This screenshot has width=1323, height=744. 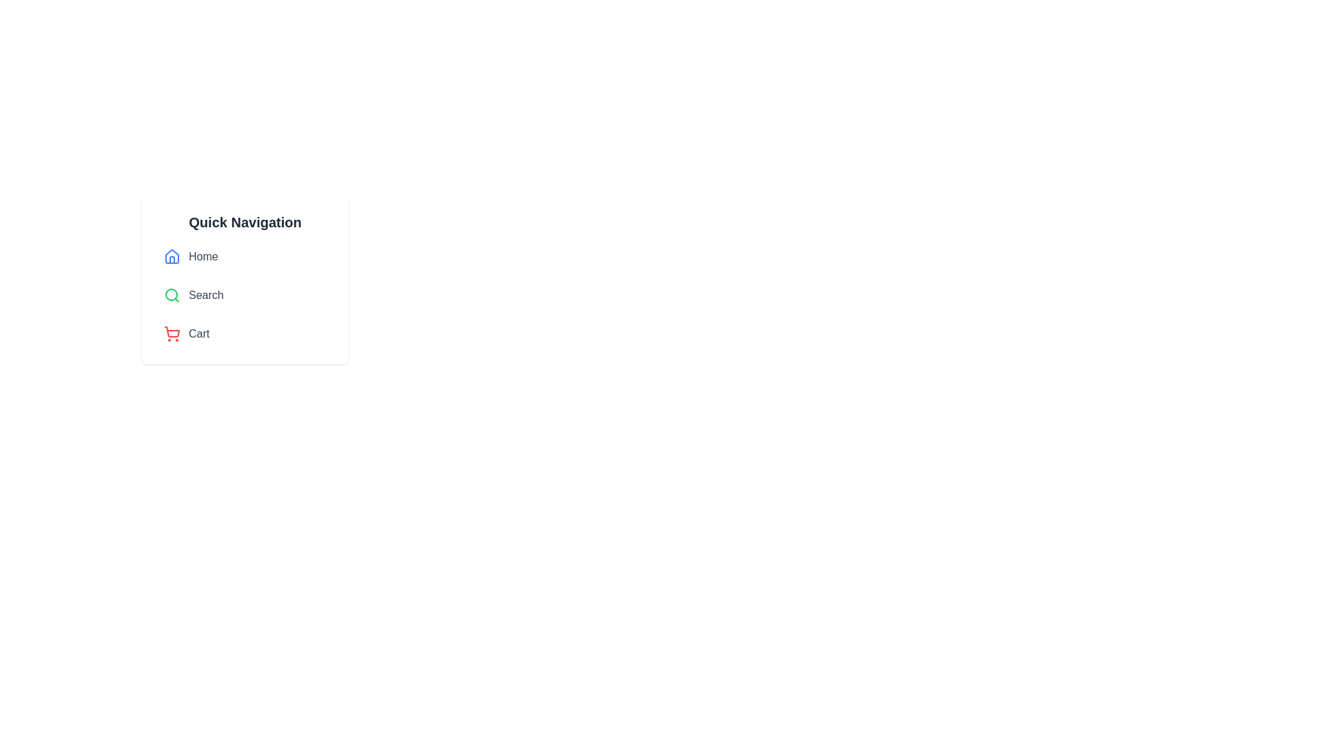 I want to click on the 'Search' hyperlink in the 'Quick Navigation' menu, so click(x=205, y=294).